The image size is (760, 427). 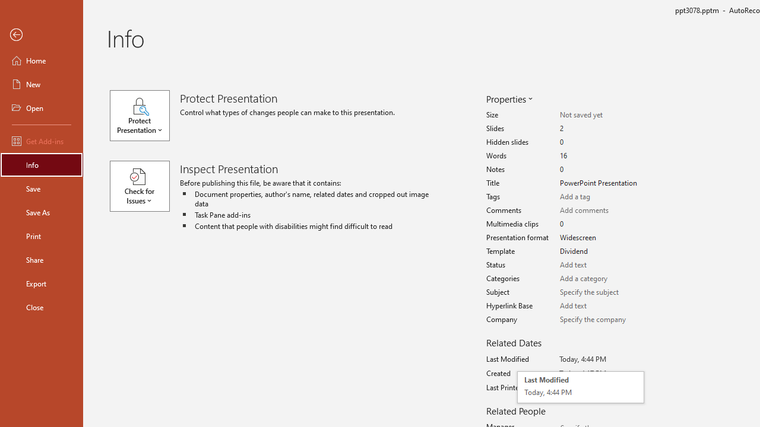 What do you see at coordinates (144, 186) in the screenshot?
I see `'Check for Issues'` at bounding box center [144, 186].